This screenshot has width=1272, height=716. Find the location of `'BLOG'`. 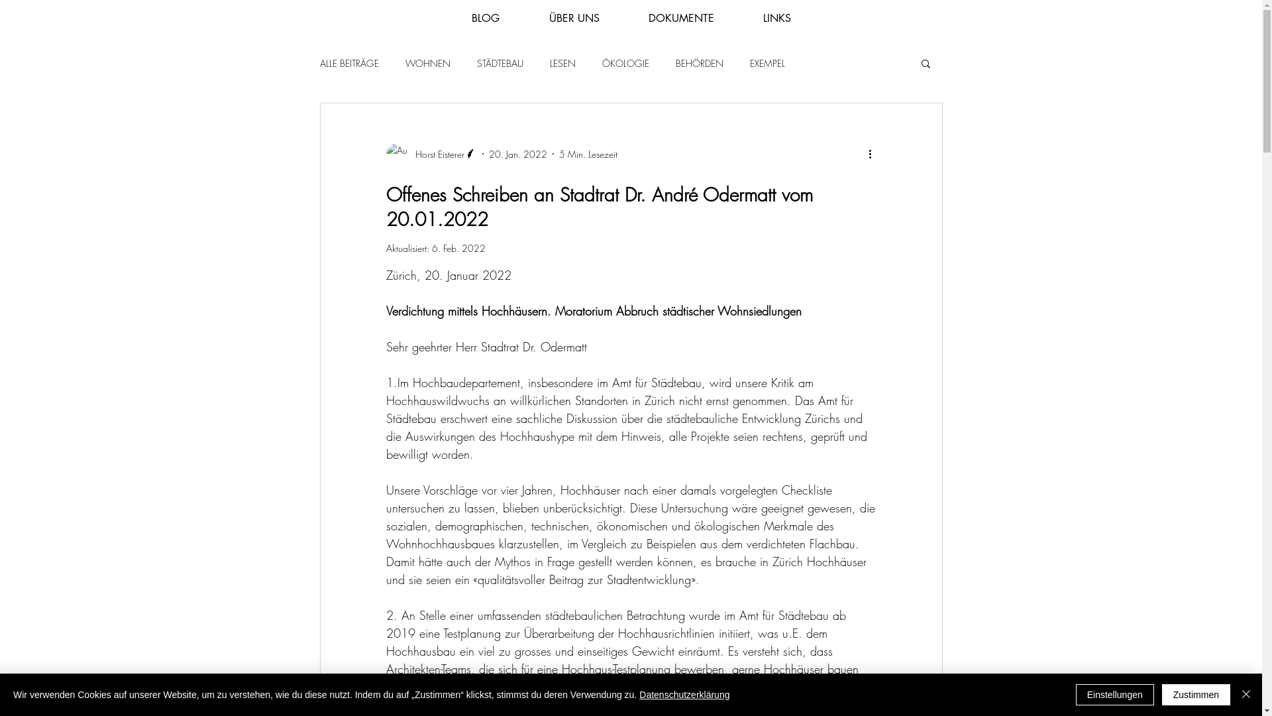

'BLOG' is located at coordinates (484, 18).